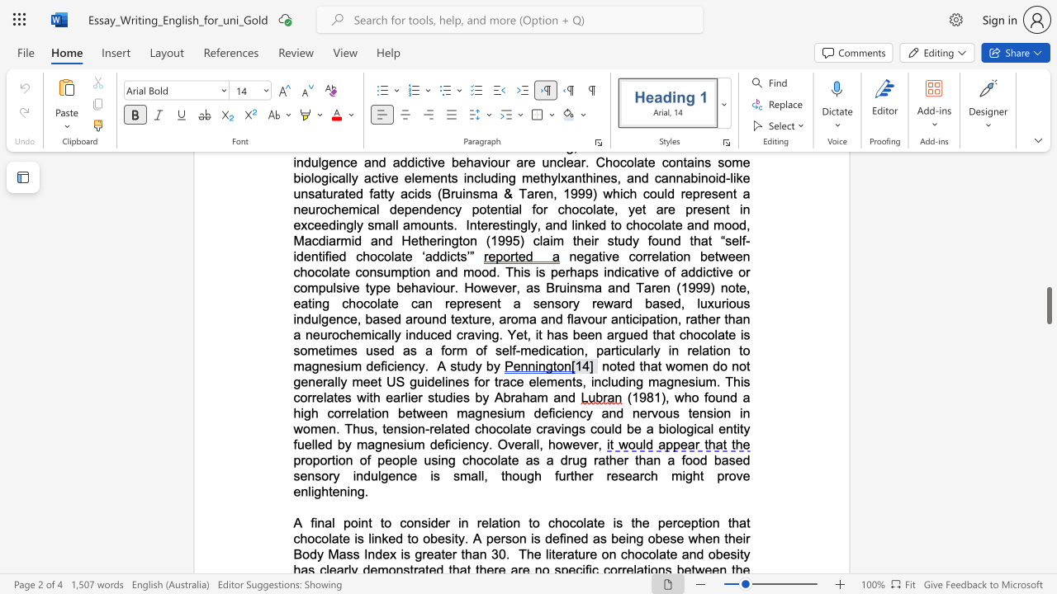 This screenshot has width=1057, height=594. I want to click on the scrollbar to slide the page up, so click(1048, 256).